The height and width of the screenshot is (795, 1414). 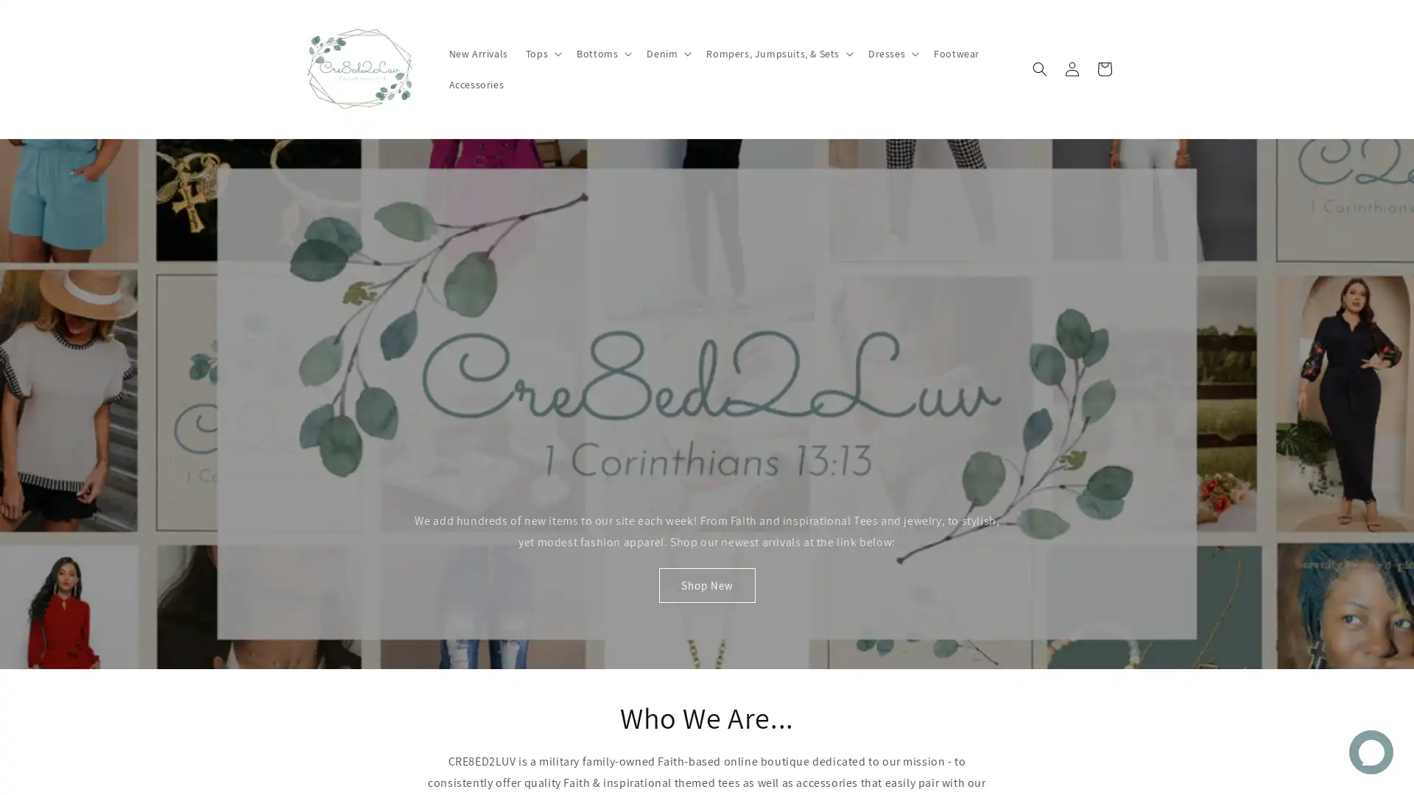 I want to click on Tops, so click(x=541, y=102).